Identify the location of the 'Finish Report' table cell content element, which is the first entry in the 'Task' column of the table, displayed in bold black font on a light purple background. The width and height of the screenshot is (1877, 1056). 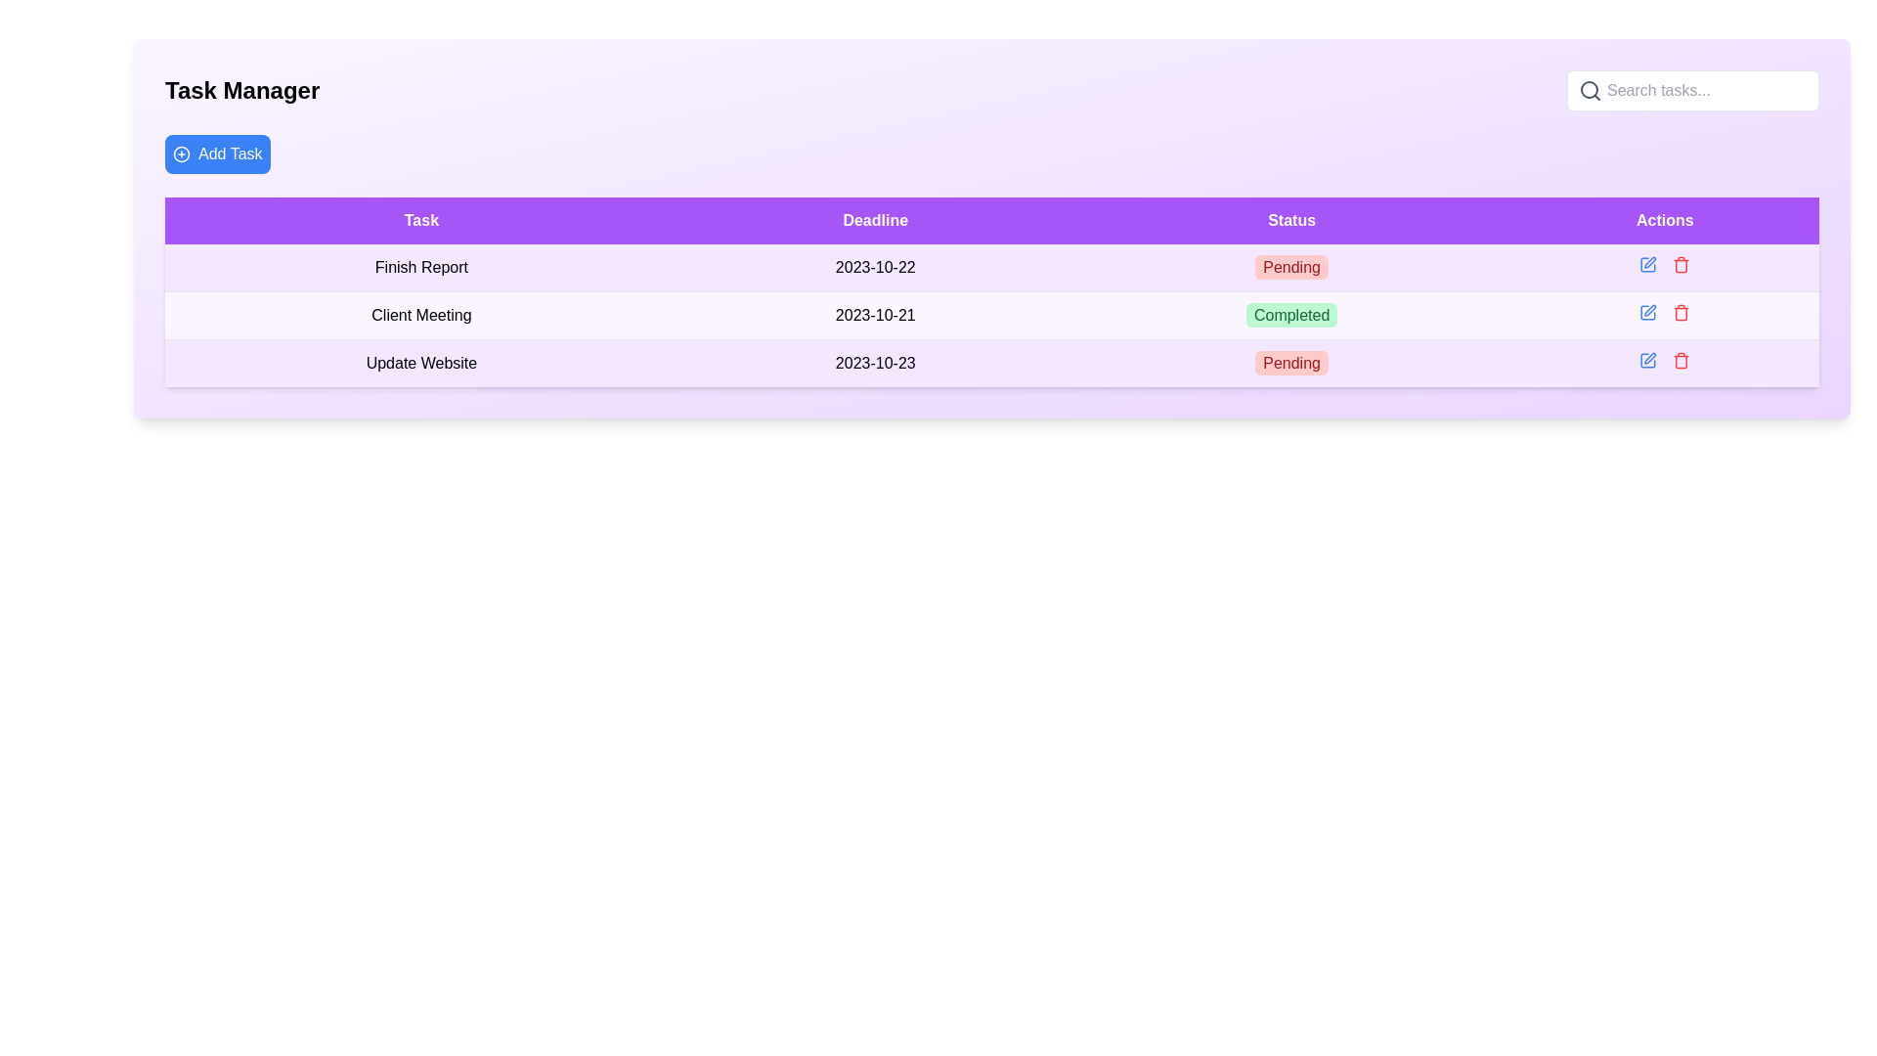
(420, 268).